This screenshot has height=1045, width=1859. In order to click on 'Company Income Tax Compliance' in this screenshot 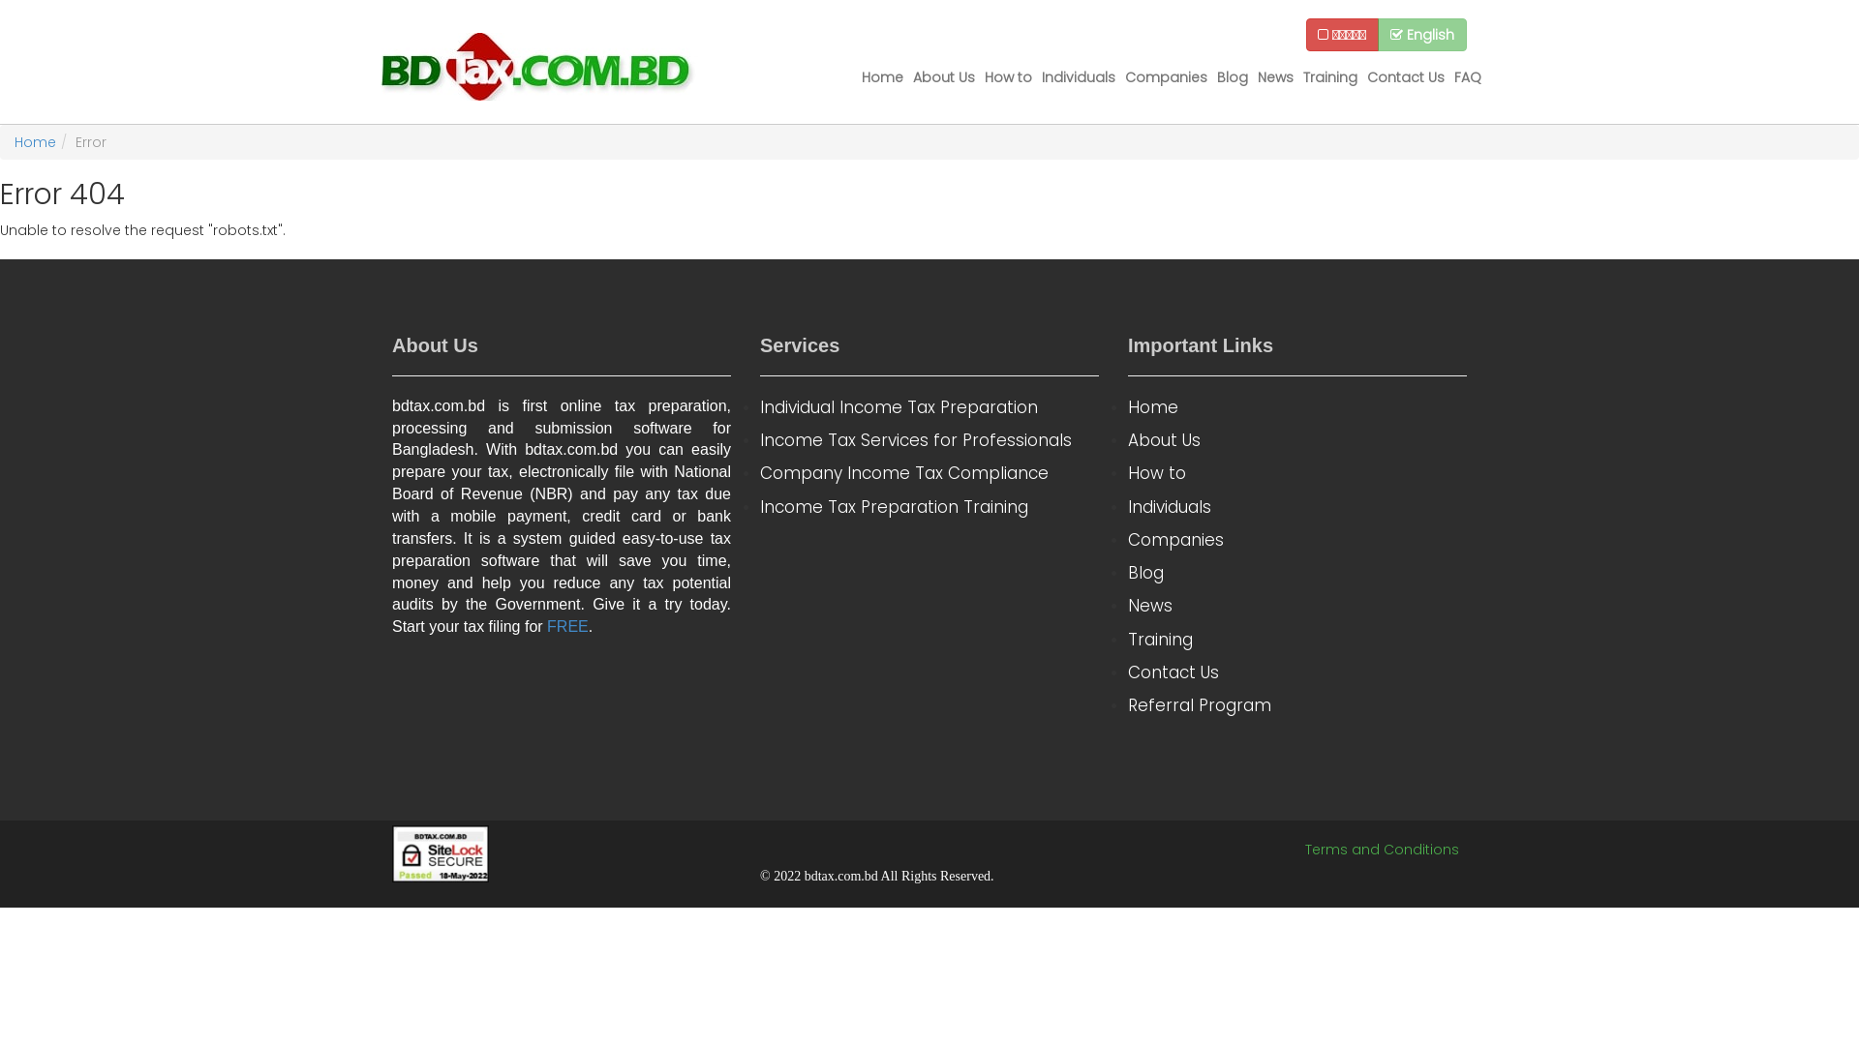, I will do `click(929, 473)`.